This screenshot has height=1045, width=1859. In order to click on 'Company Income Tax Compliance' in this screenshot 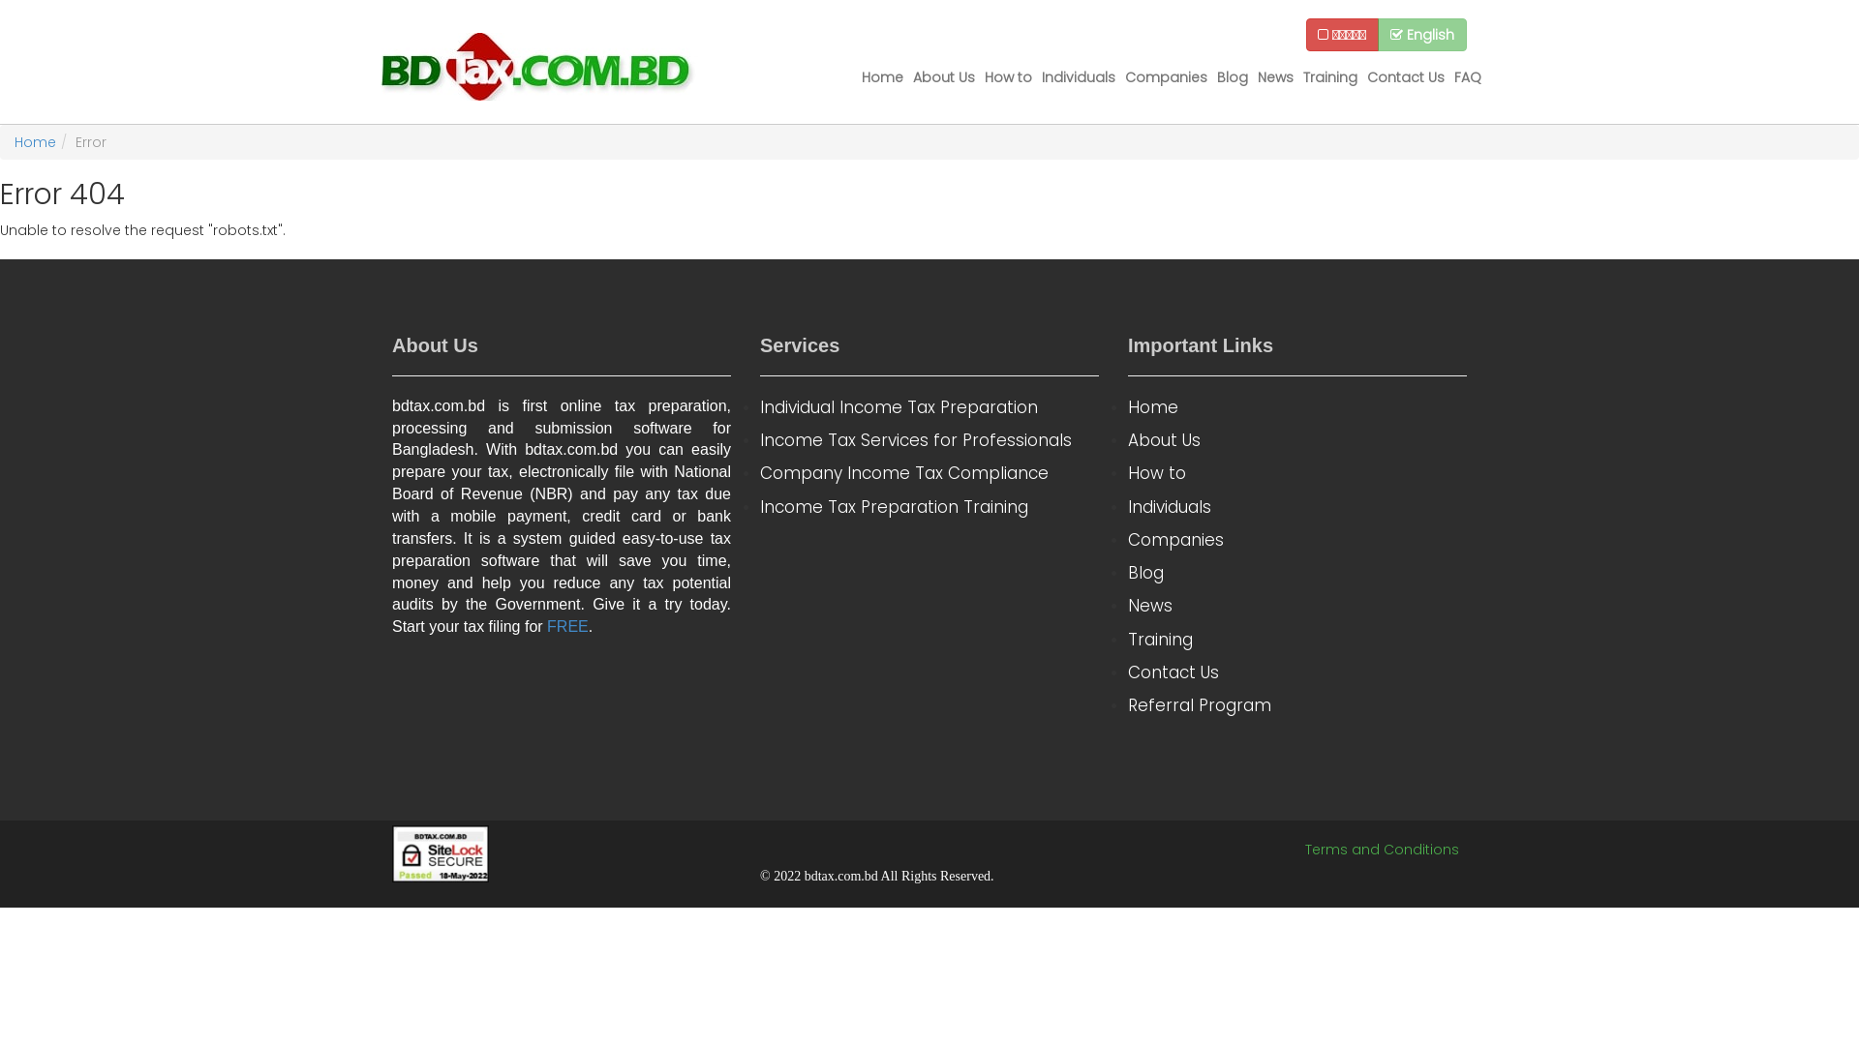, I will do `click(929, 473)`.